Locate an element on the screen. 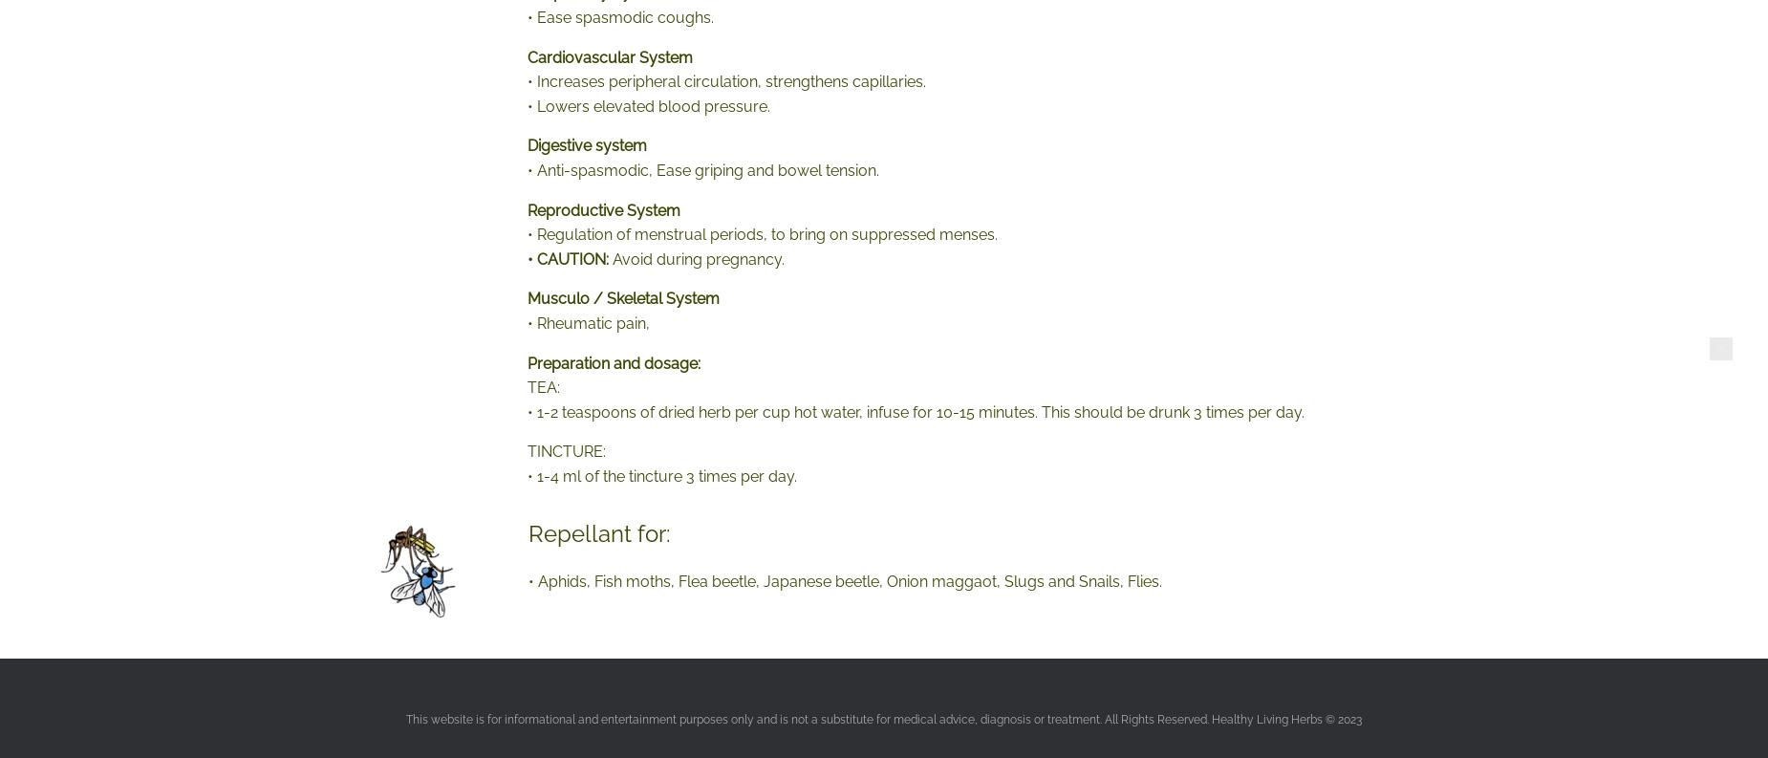 The width and height of the screenshot is (1768, 758). 'Repellant for:' is located at coordinates (599, 532).